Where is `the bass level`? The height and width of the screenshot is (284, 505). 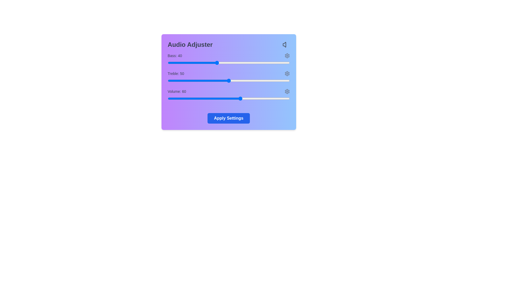 the bass level is located at coordinates (187, 63).